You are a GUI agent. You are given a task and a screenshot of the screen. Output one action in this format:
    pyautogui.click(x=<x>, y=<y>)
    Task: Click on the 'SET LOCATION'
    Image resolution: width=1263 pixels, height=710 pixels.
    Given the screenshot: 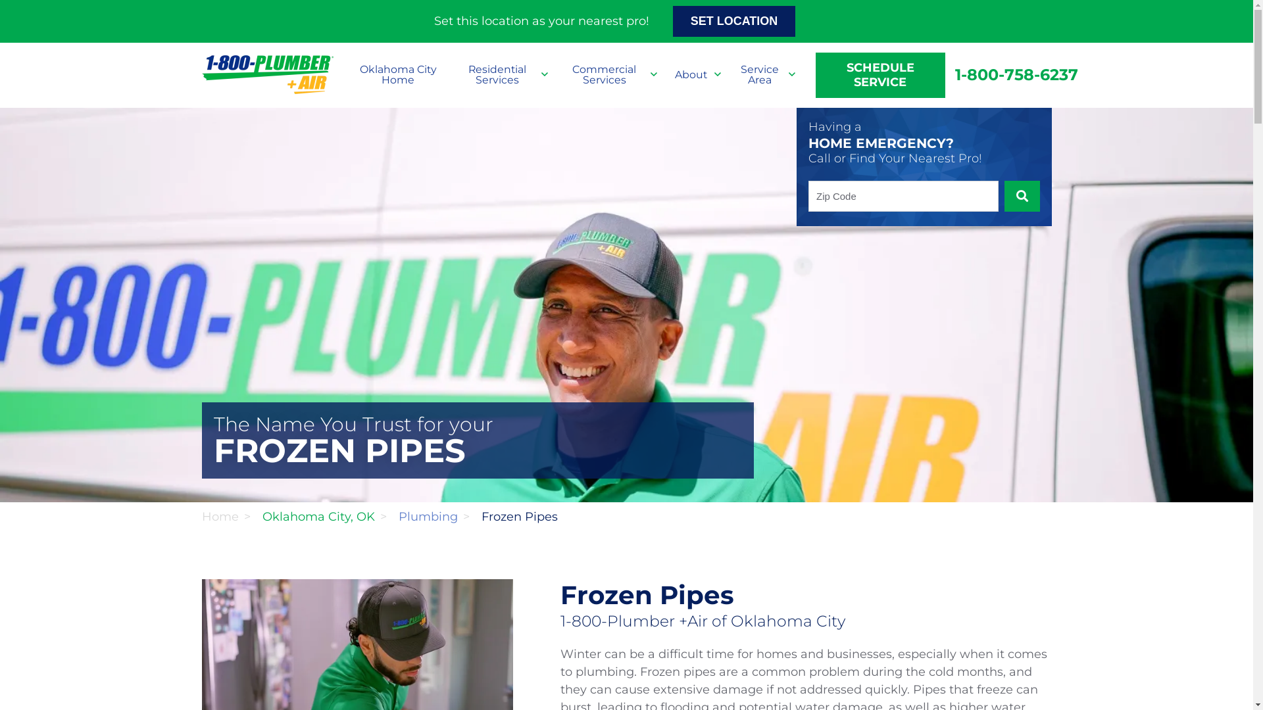 What is the action you would take?
    pyautogui.click(x=733, y=21)
    